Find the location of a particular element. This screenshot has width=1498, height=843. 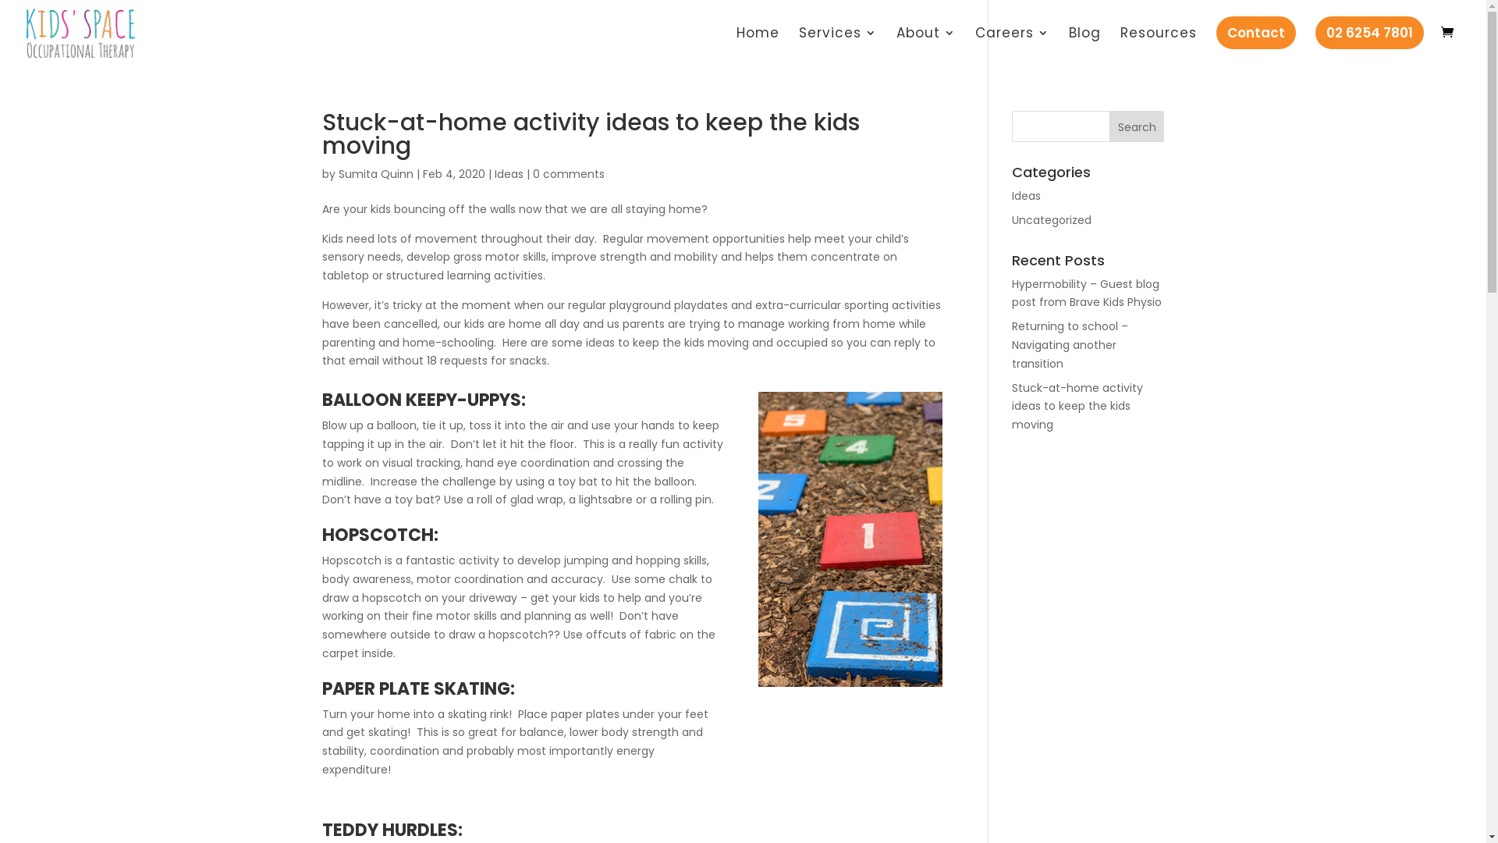

'Ideas' is located at coordinates (509, 174).